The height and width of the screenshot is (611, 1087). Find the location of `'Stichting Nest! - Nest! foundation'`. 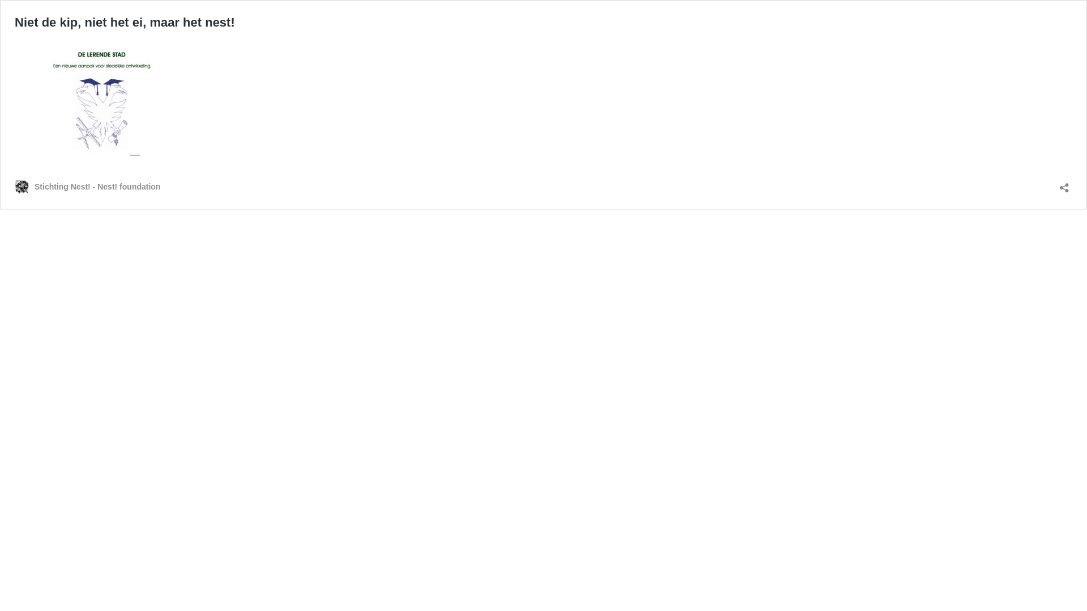

'Stichting Nest! - Nest! foundation' is located at coordinates (87, 186).